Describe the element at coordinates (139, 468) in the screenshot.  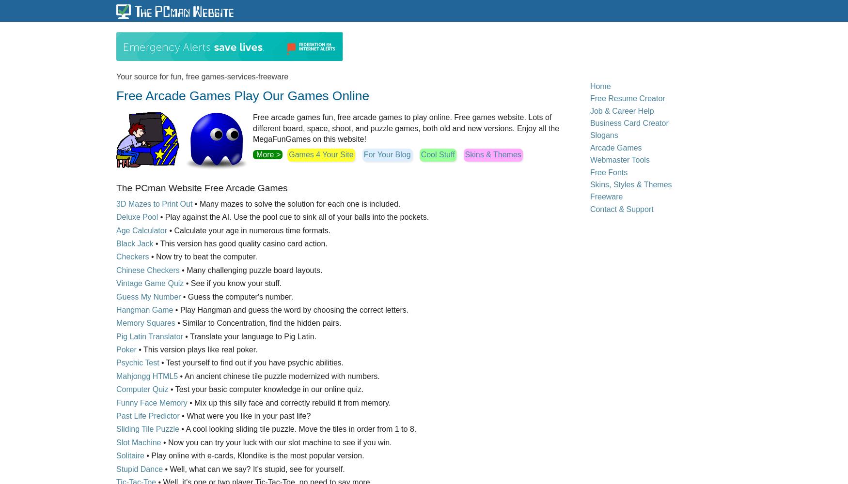
I see `'Stupid Dance'` at that location.